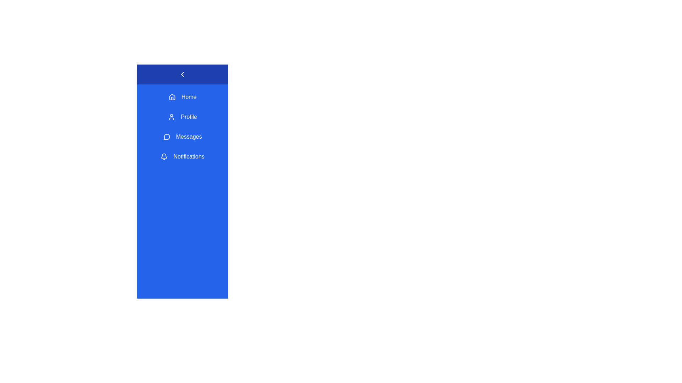 This screenshot has height=383, width=682. What do you see at coordinates (172, 117) in the screenshot?
I see `the Profile icon in the sidebar menu` at bounding box center [172, 117].